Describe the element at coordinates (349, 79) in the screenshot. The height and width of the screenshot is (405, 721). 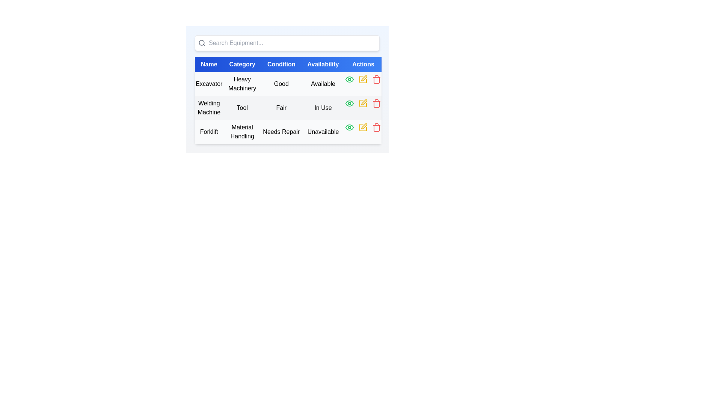
I see `the Icon Button in the Actions column of the first row of the data table` at that location.